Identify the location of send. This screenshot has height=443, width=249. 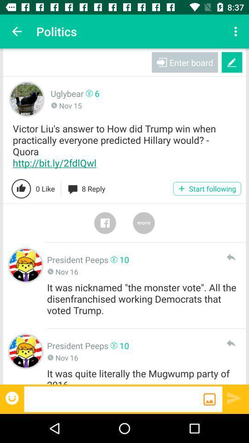
(234, 397).